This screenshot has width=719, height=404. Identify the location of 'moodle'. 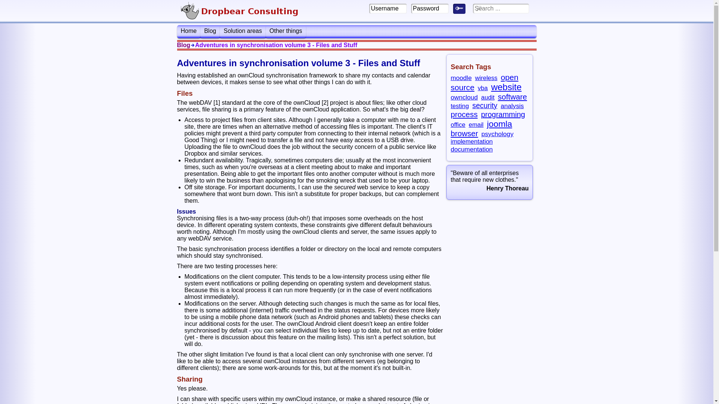
(460, 78).